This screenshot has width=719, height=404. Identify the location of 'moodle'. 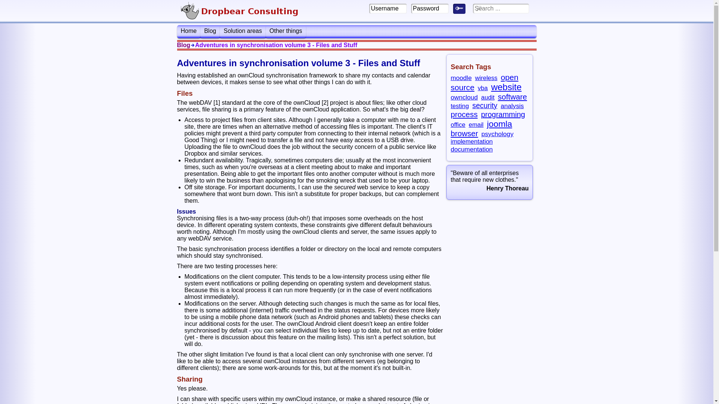
(460, 78).